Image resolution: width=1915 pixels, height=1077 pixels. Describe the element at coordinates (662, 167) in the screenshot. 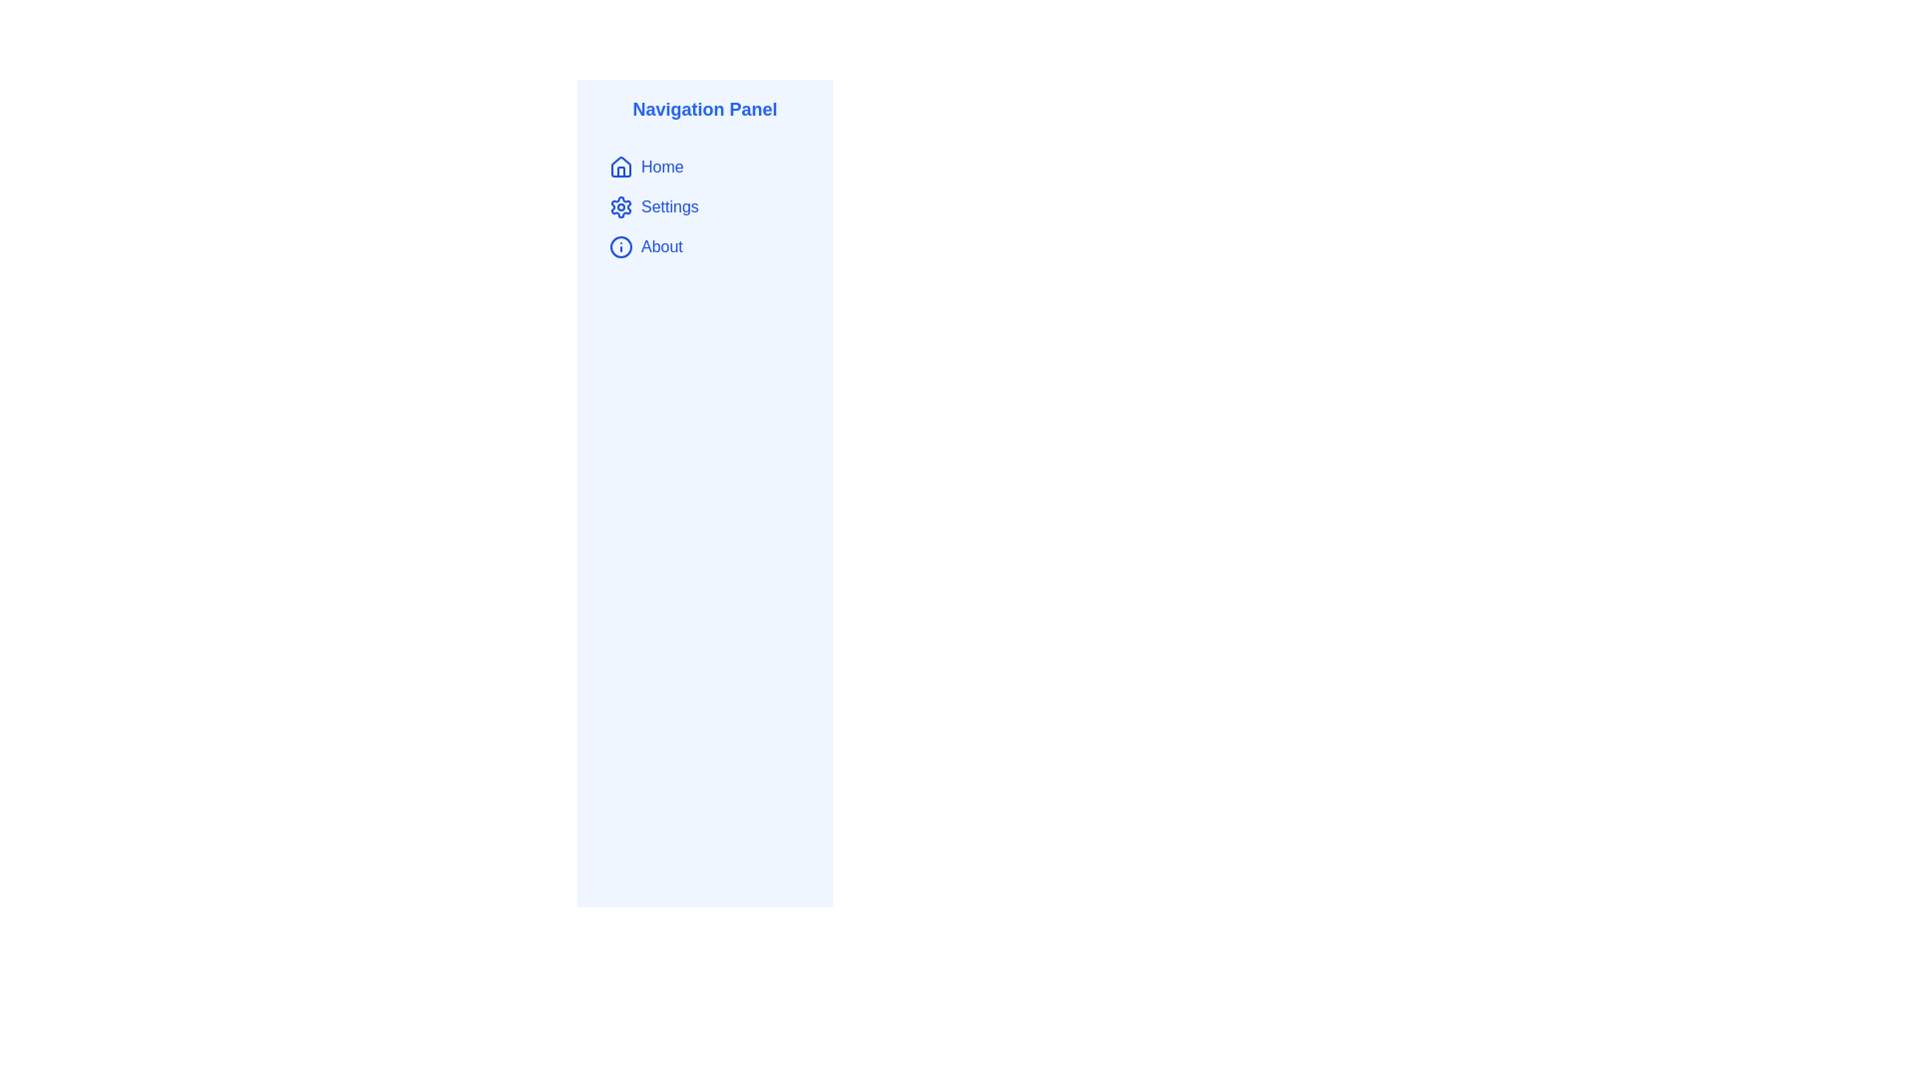

I see `the 'Home' text label in blue font located in the navigation menu, situated to the right of the house icon` at that location.